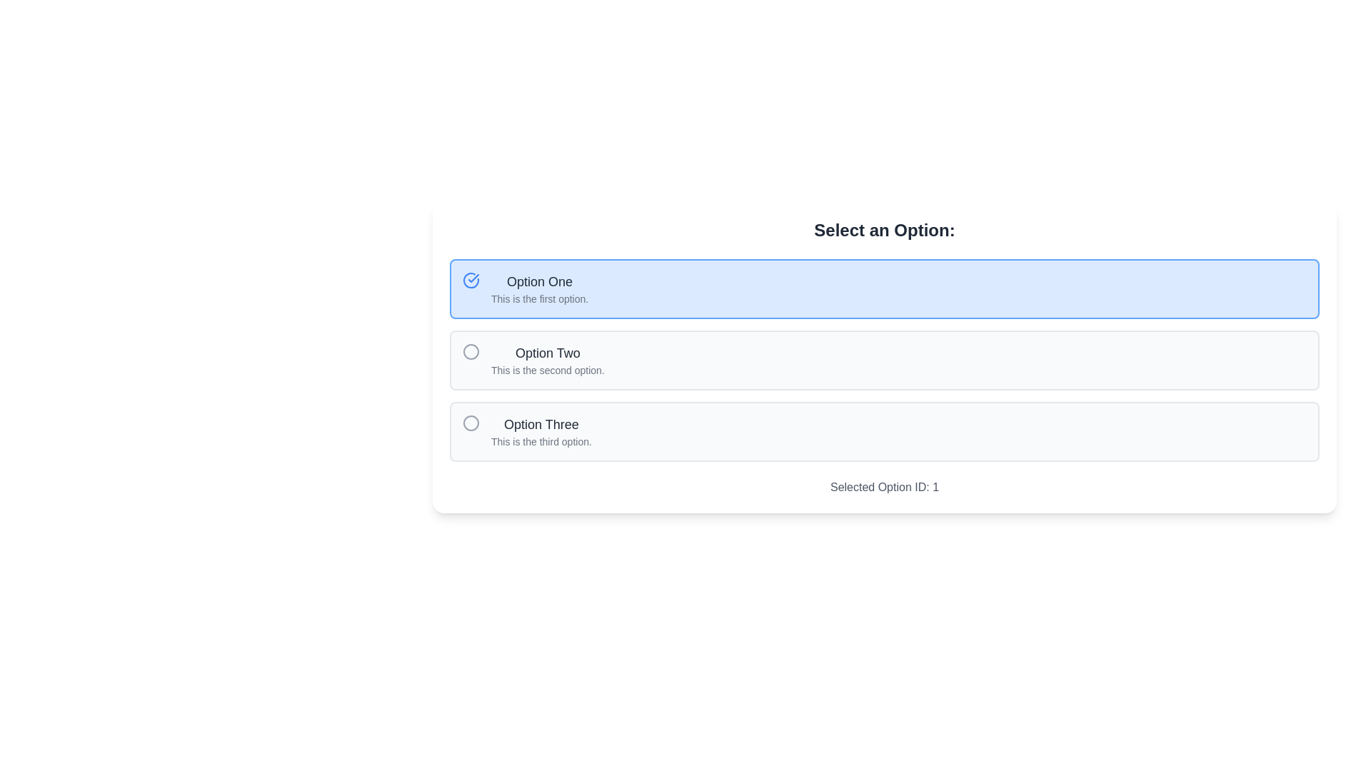 The image size is (1371, 771). What do you see at coordinates (547, 370) in the screenshot?
I see `the text label reading 'This is the second option.' which is located beneath 'Option Two'` at bounding box center [547, 370].